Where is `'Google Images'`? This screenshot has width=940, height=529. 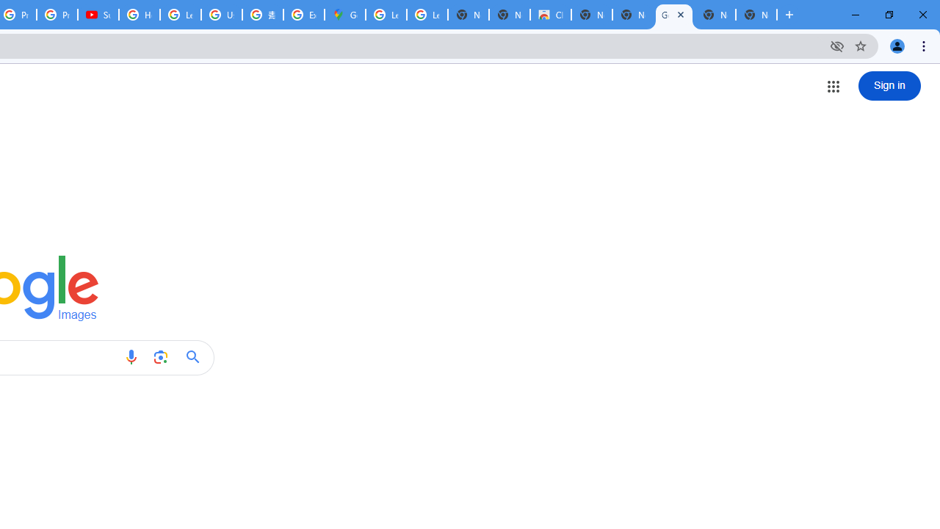 'Google Images' is located at coordinates (673, 15).